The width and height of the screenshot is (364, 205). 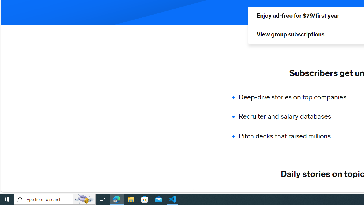 What do you see at coordinates (296, 136) in the screenshot?
I see `'Pitch decks that raised millions'` at bounding box center [296, 136].